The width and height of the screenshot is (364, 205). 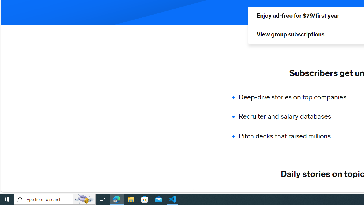 What do you see at coordinates (296, 136) in the screenshot?
I see `'Pitch decks that raised millions'` at bounding box center [296, 136].